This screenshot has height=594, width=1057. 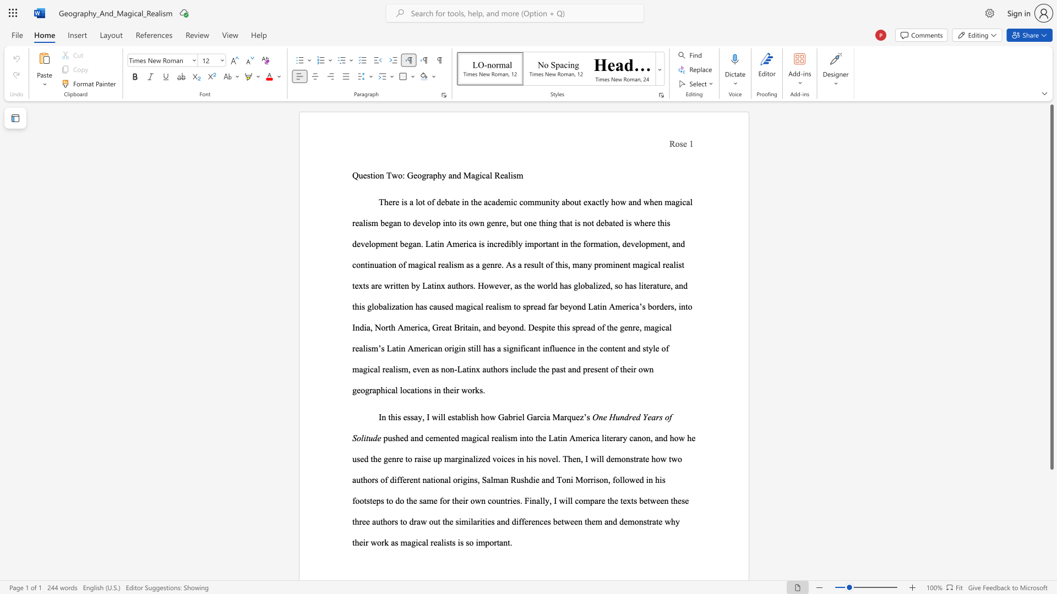 What do you see at coordinates (1051, 527) in the screenshot?
I see `the scrollbar on the side` at bounding box center [1051, 527].